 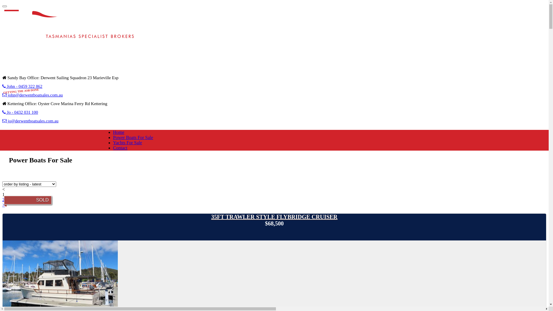 What do you see at coordinates (2, 204) in the screenshot?
I see `'>'` at bounding box center [2, 204].